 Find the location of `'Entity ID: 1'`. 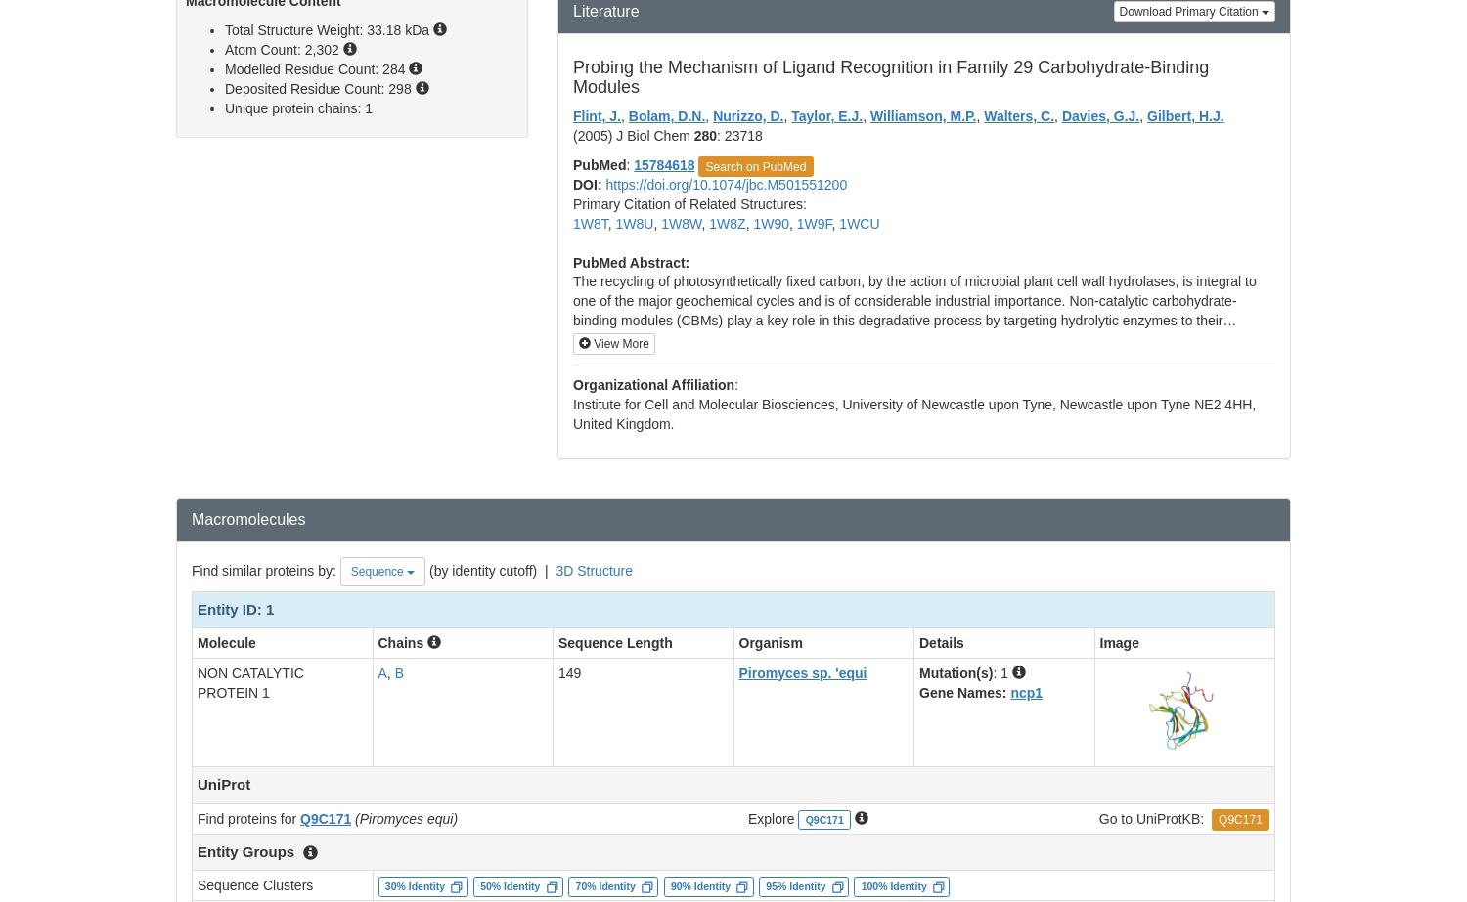

'Entity ID: 1' is located at coordinates (235, 607).